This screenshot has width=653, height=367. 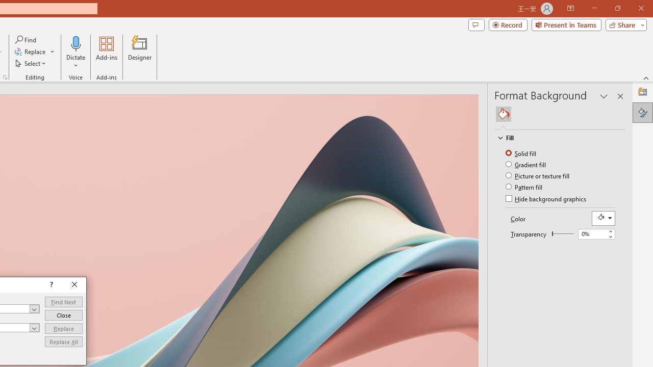 I want to click on 'Replace All', so click(x=63, y=342).